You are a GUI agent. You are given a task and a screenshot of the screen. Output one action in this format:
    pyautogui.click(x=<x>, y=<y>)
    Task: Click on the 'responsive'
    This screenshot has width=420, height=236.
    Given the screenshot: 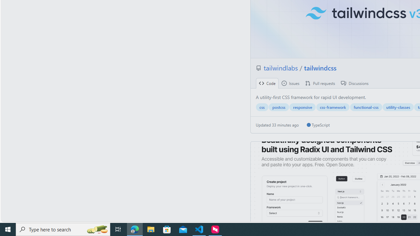 What is the action you would take?
    pyautogui.click(x=302, y=107)
    